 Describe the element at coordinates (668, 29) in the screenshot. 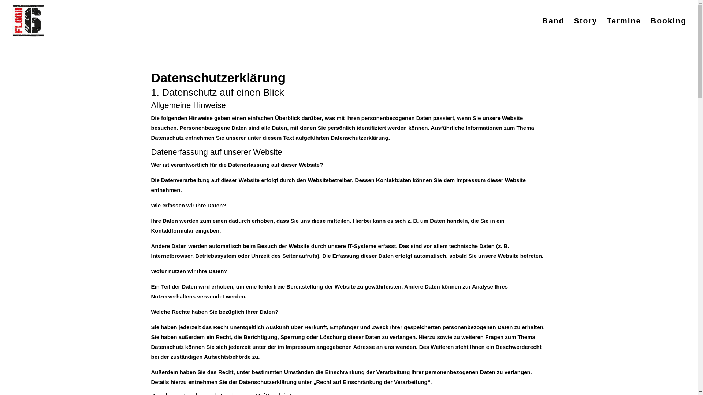

I see `'Booking'` at that location.